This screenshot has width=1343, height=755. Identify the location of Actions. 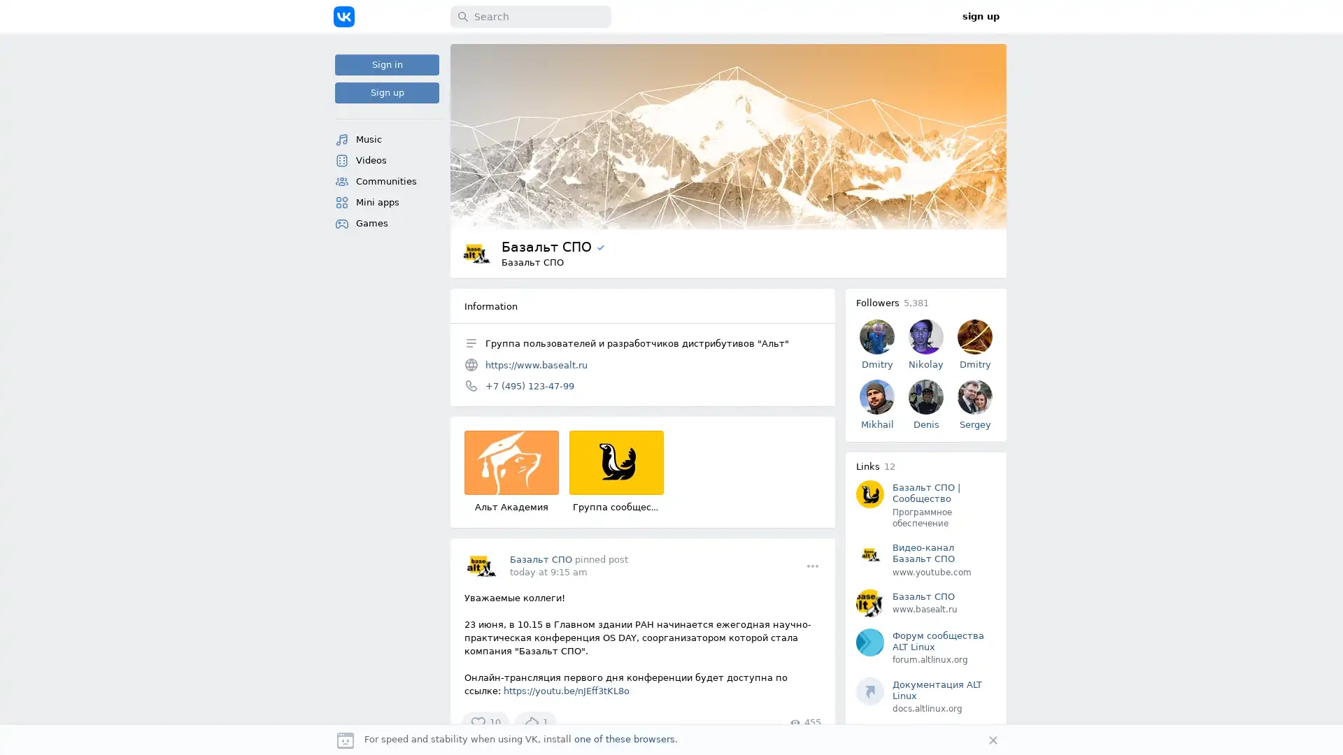
(812, 565).